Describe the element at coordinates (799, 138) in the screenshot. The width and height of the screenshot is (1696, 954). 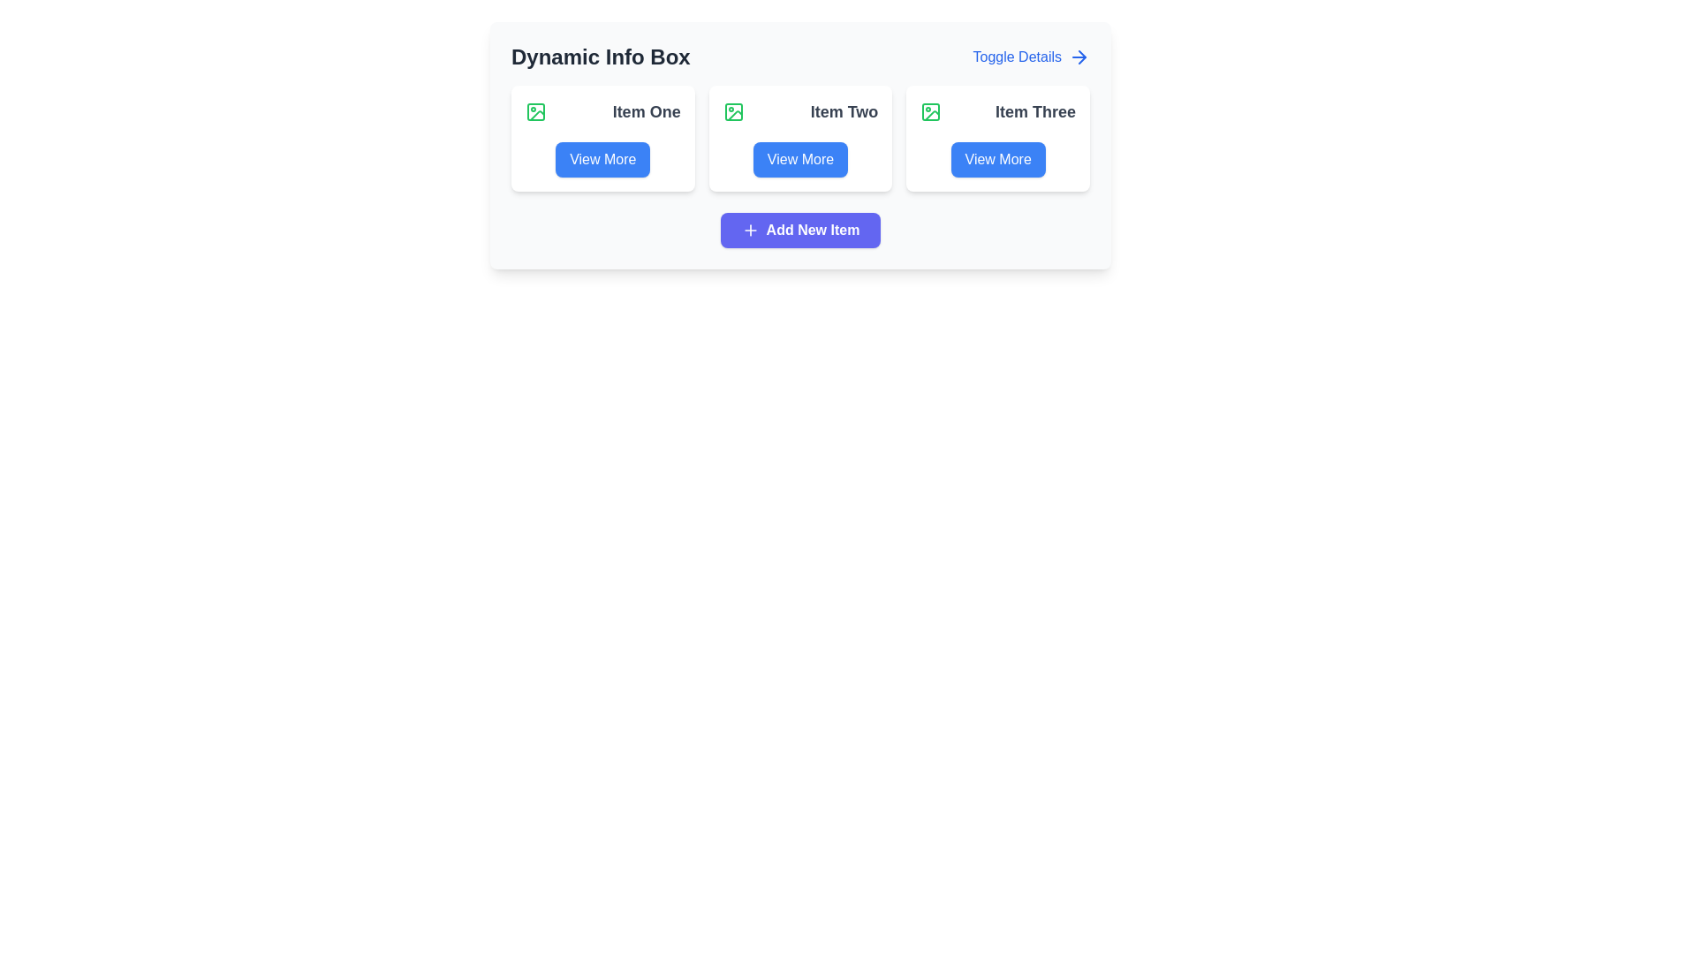
I see `the 'View More' button on the middle card of the three horizontally arranged cards in the 'Dynamic Info Box'` at that location.